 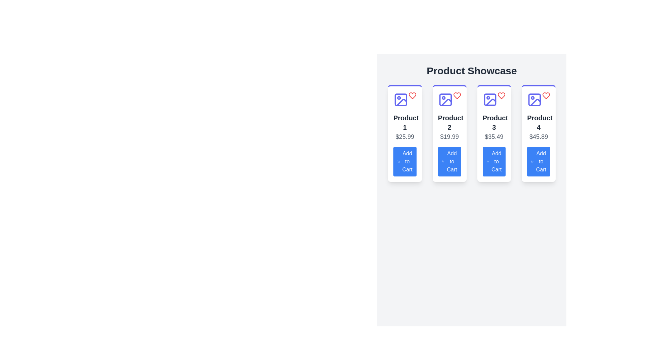 What do you see at coordinates (490, 100) in the screenshot?
I see `the vector icon resembling a picture frame with a circular object inside it, located in the top-left region of the 'Product 3' card in the 'Product Showcase' grid` at bounding box center [490, 100].